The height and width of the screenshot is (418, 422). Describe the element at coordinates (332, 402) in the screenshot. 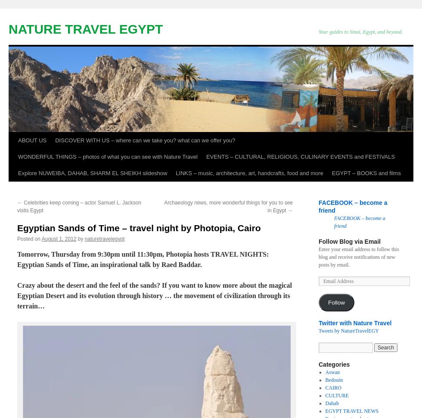

I see `'Dahab'` at that location.